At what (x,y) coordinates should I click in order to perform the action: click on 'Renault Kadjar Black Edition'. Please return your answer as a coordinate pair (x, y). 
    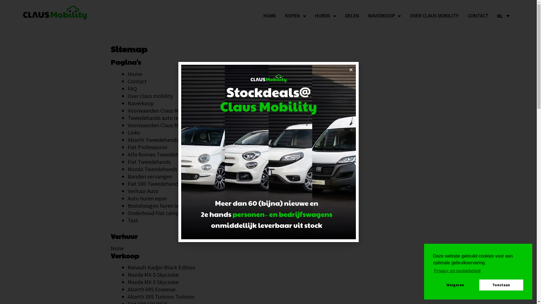
    Looking at the image, I should click on (161, 267).